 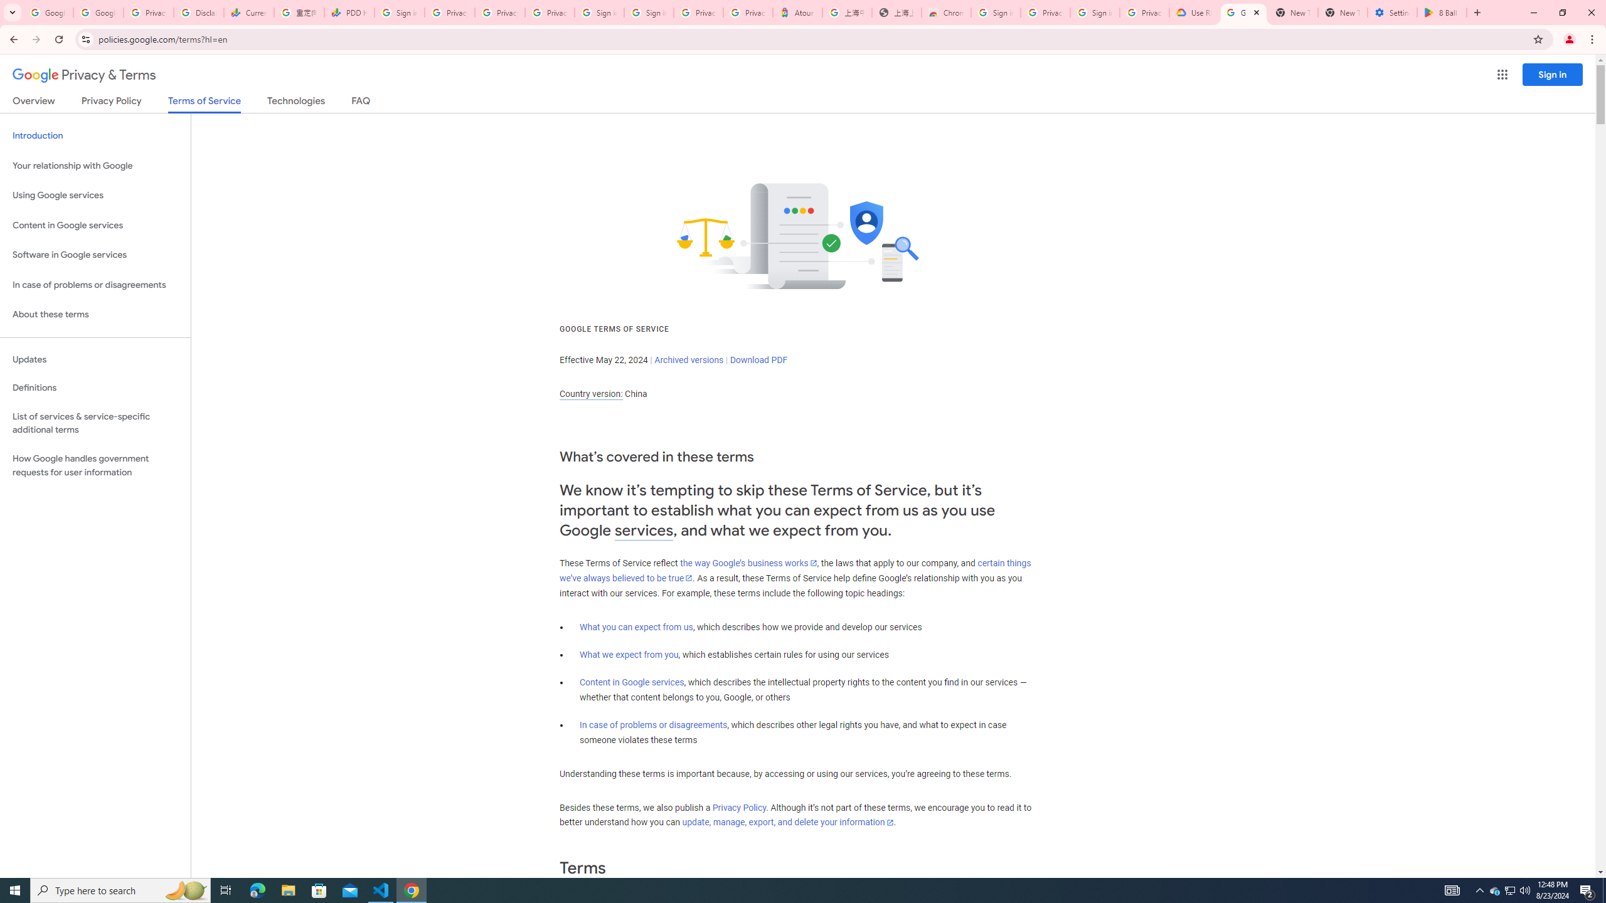 I want to click on 'What you can expect from us', so click(x=637, y=626).